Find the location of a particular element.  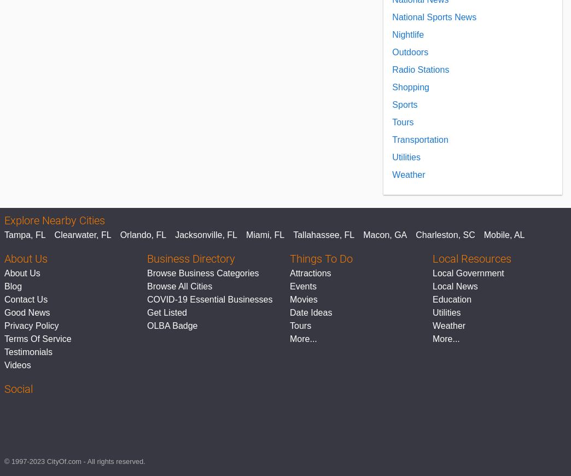

'Tampa, FL' is located at coordinates (4, 235).